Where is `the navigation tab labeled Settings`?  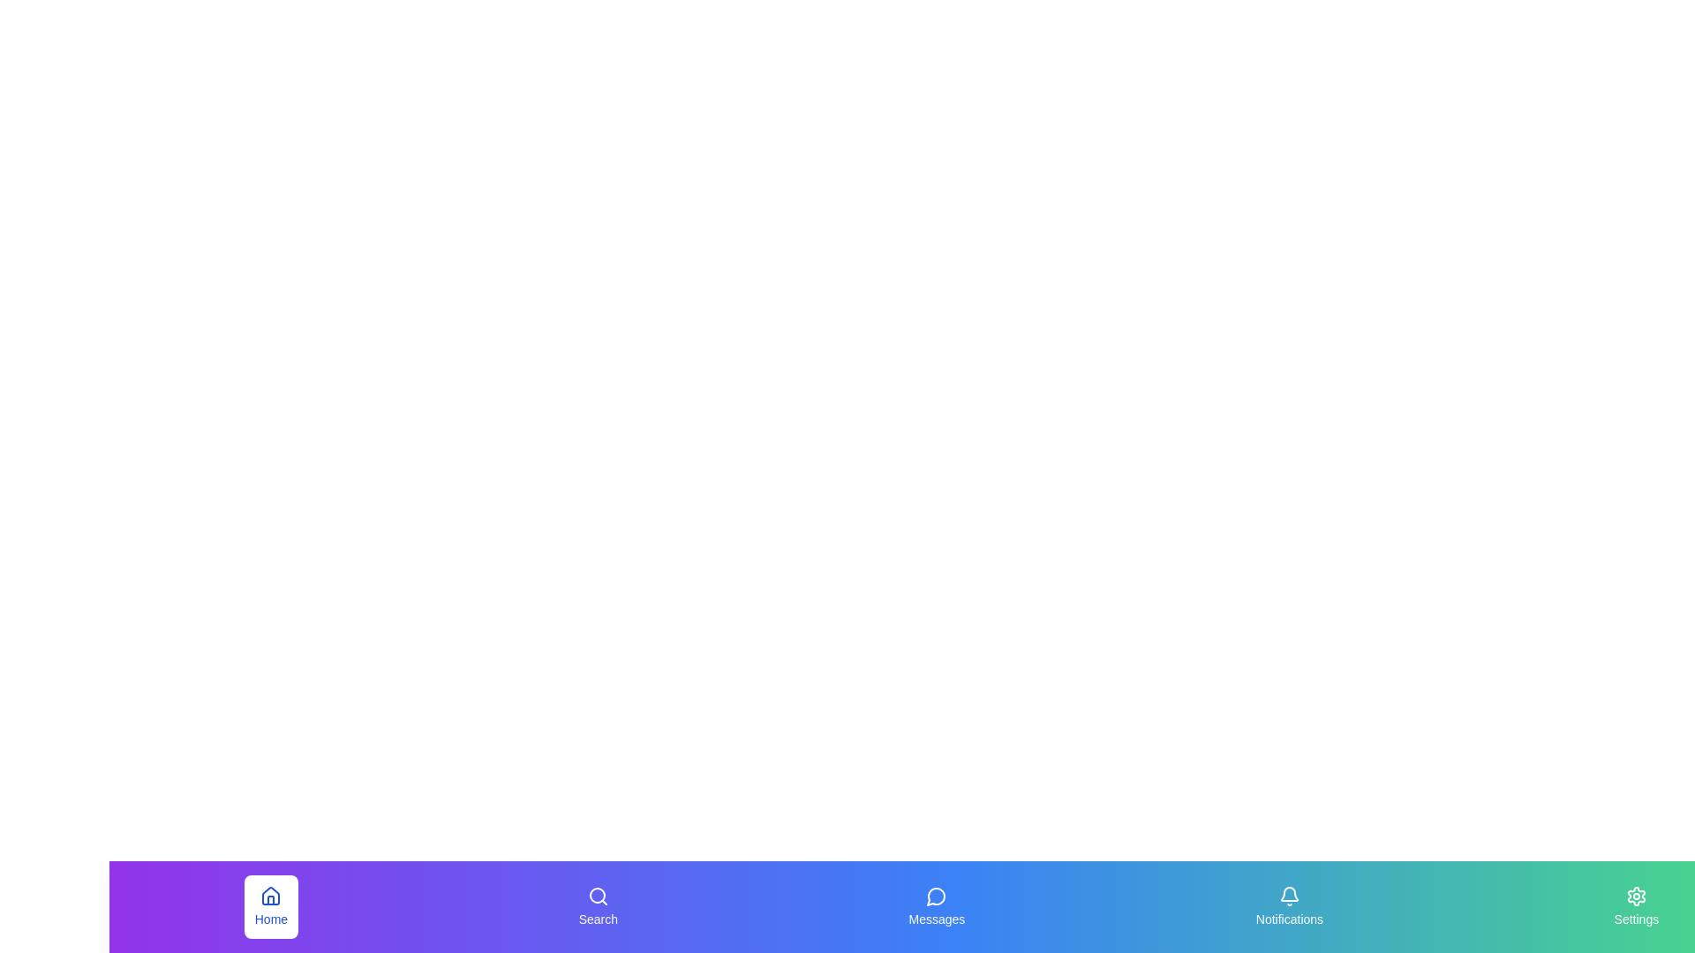 the navigation tab labeled Settings is located at coordinates (1634, 907).